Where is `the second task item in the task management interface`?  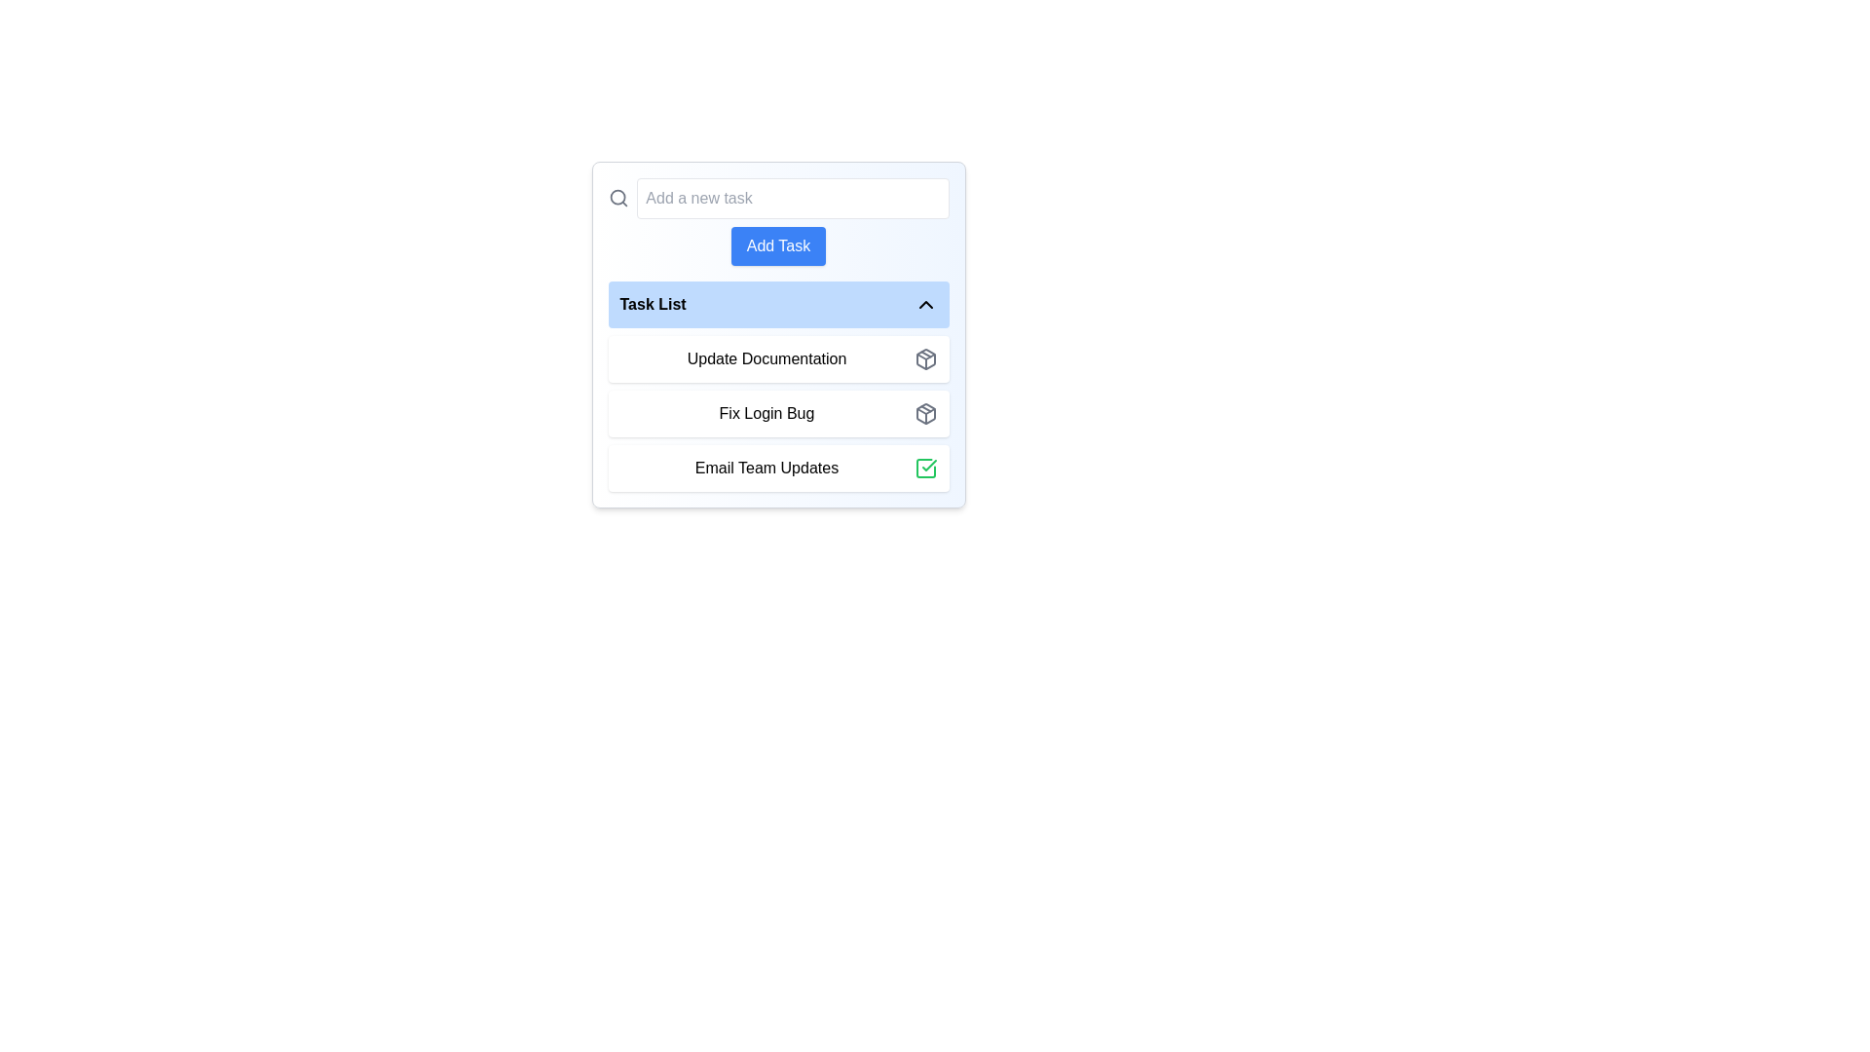 the second task item in the task management interface is located at coordinates (777, 412).